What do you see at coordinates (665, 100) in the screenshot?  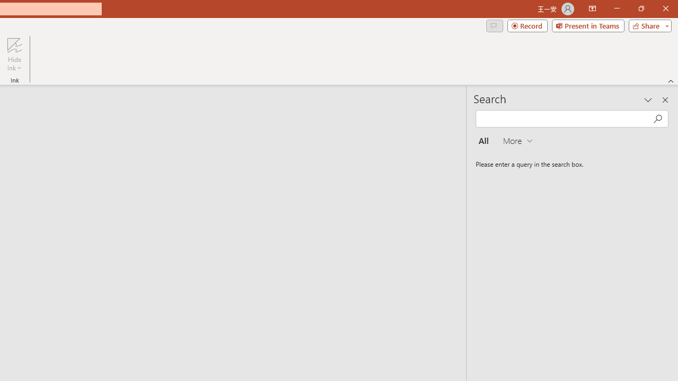 I see `'Close pane'` at bounding box center [665, 100].